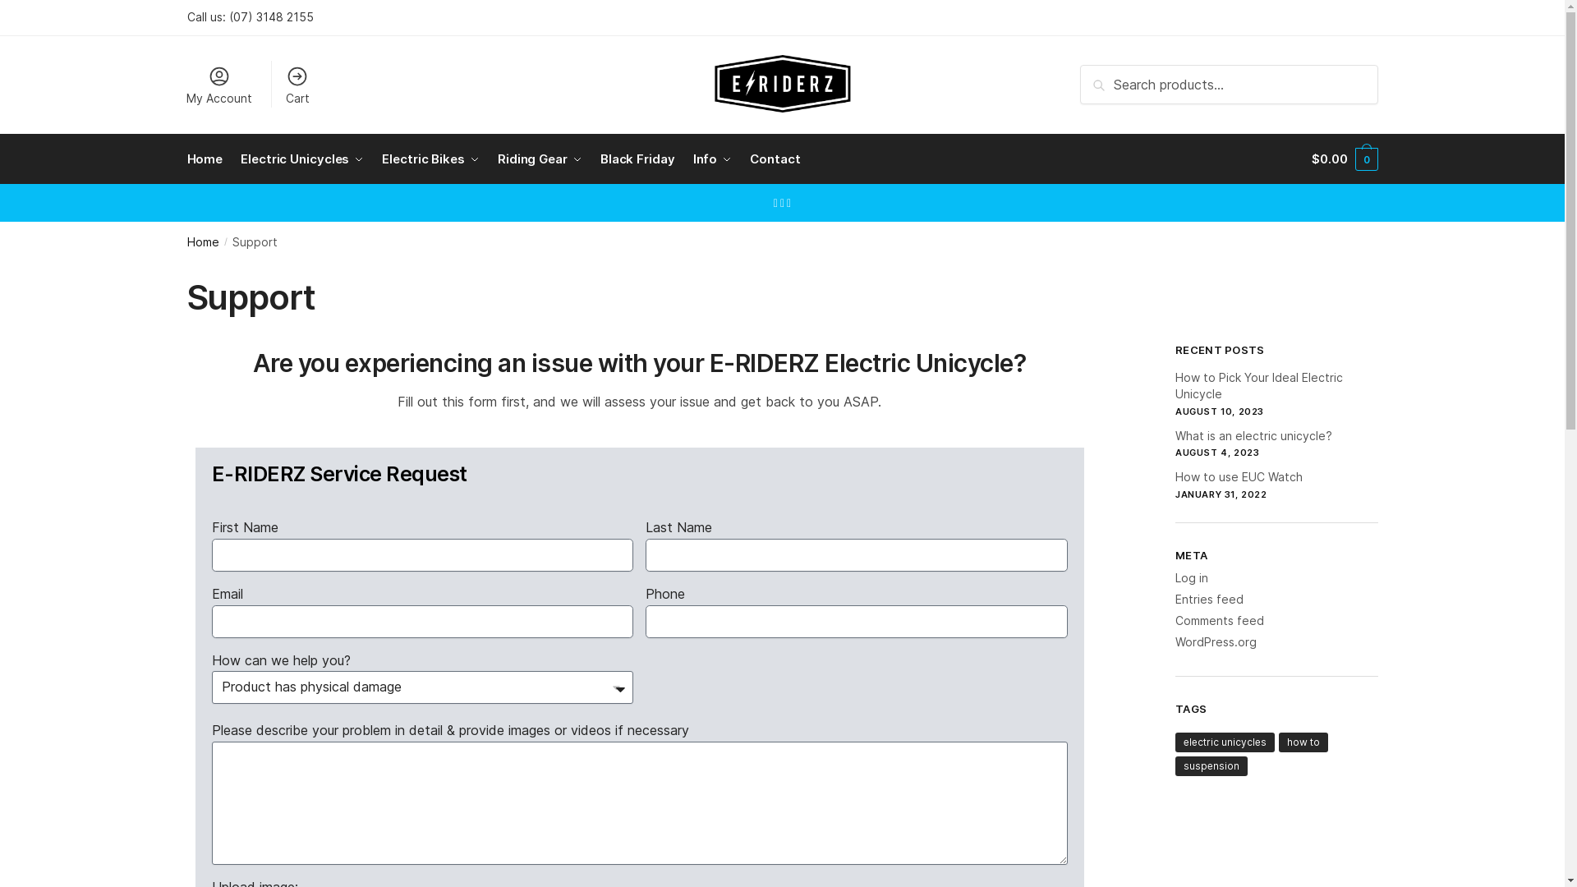  What do you see at coordinates (1174, 577) in the screenshot?
I see `'Log in'` at bounding box center [1174, 577].